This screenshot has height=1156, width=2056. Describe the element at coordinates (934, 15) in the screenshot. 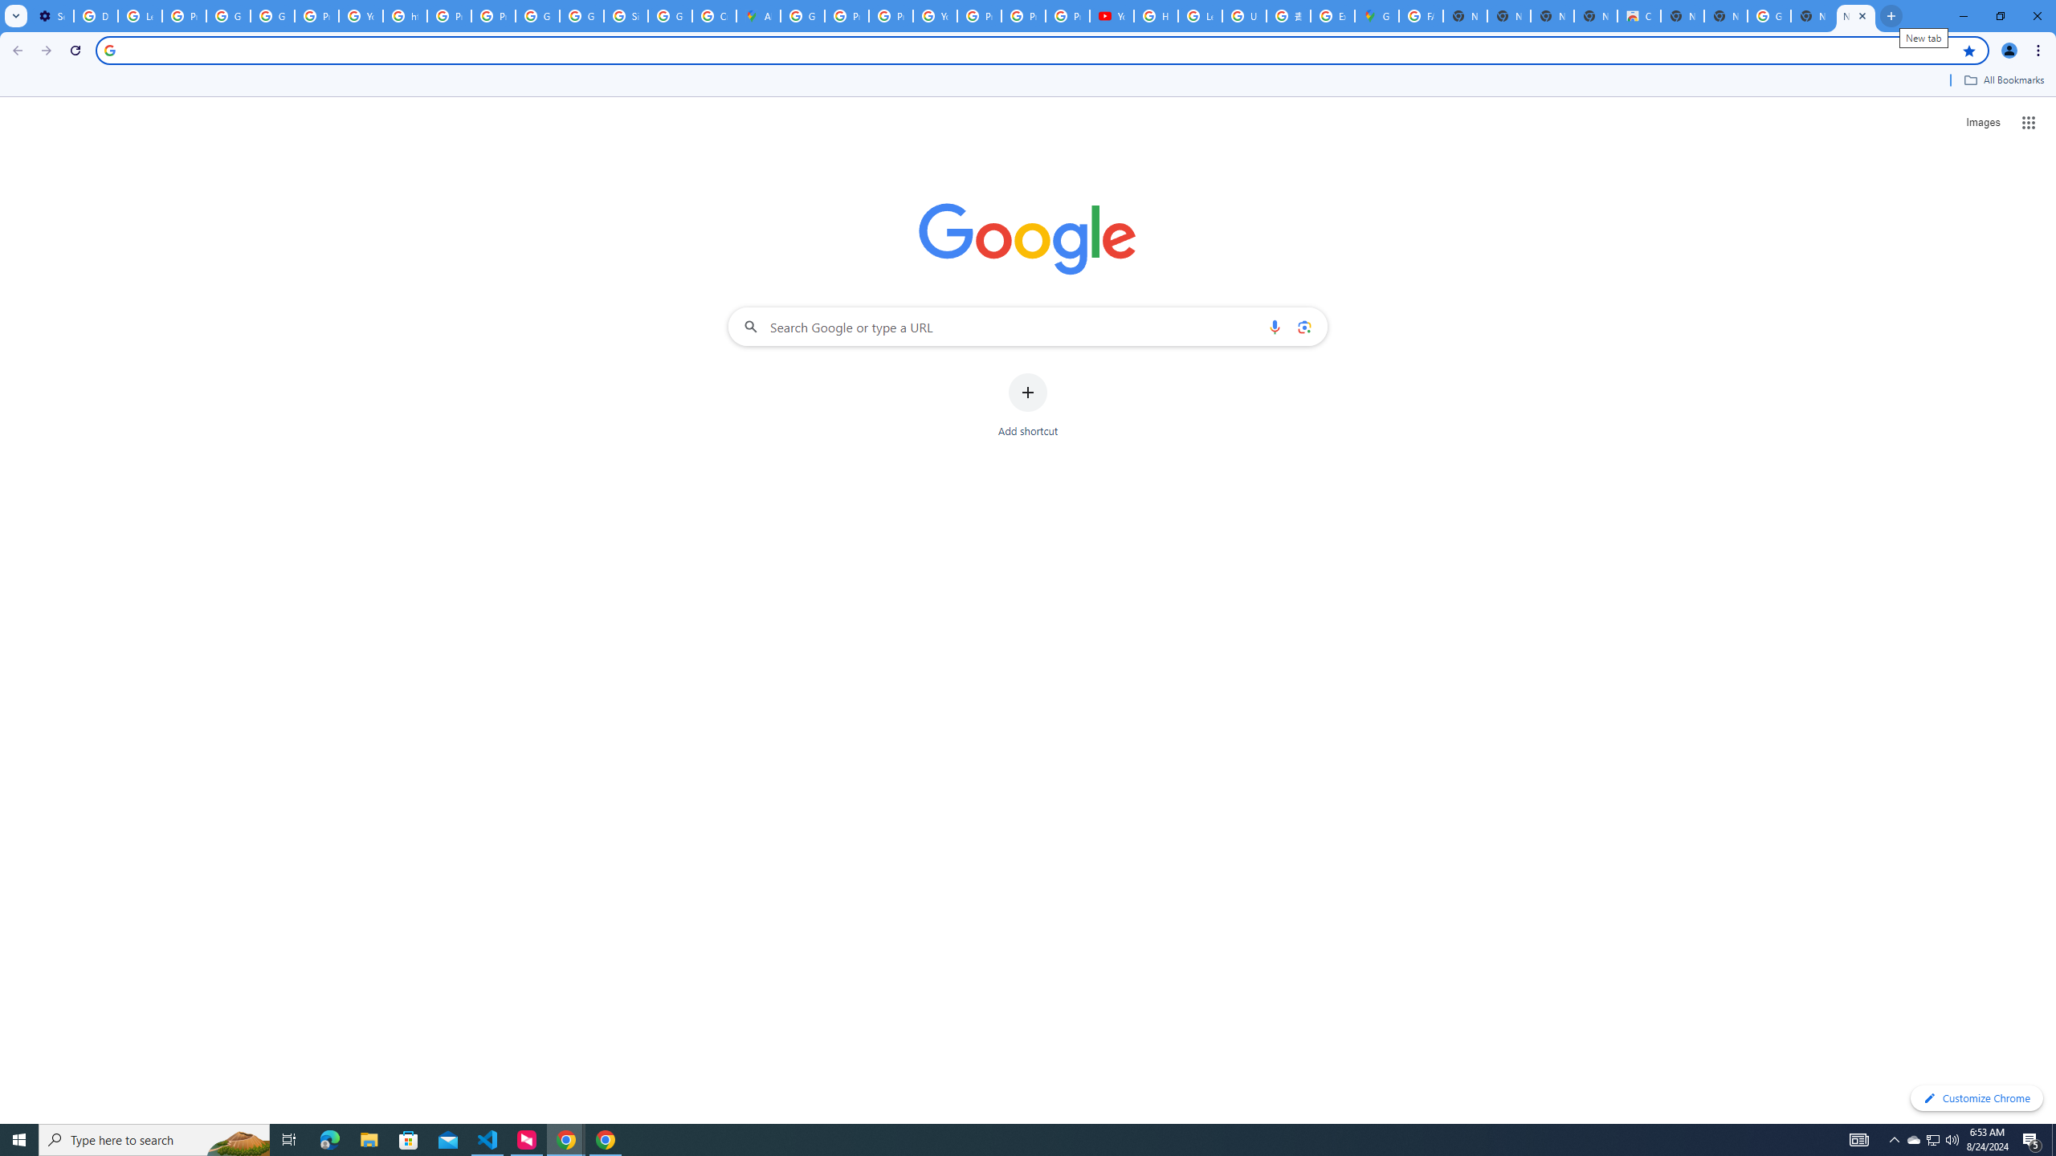

I see `'YouTube'` at that location.